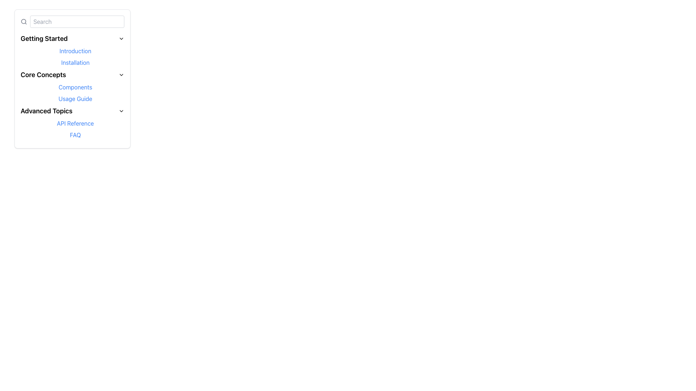 The width and height of the screenshot is (696, 391). I want to click on the circular shape of the magnifying glass icon, which symbolizes the search function, located in the top left section of the sidebar layout, so click(24, 21).